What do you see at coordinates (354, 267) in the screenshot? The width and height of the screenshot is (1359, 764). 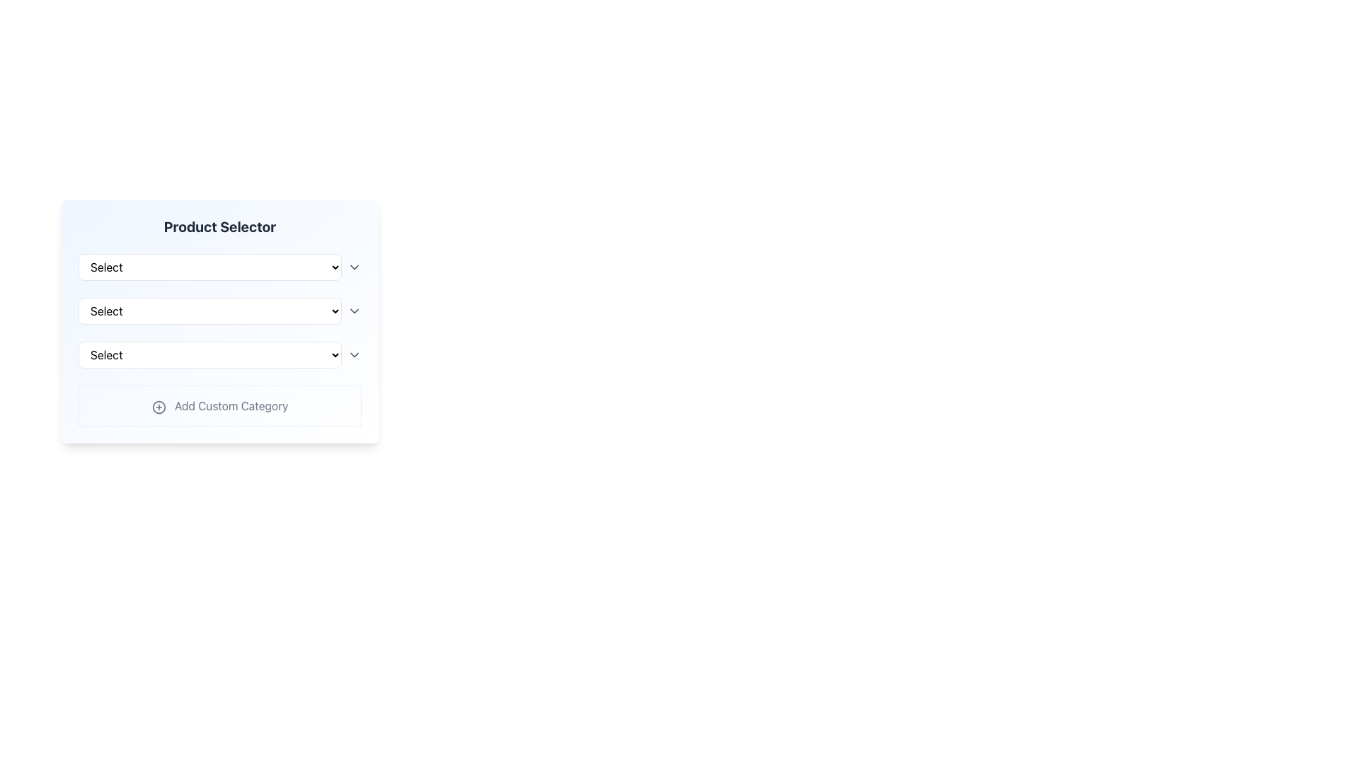 I see `the downward-pointing chevron icon located at the right edge of the input field` at bounding box center [354, 267].